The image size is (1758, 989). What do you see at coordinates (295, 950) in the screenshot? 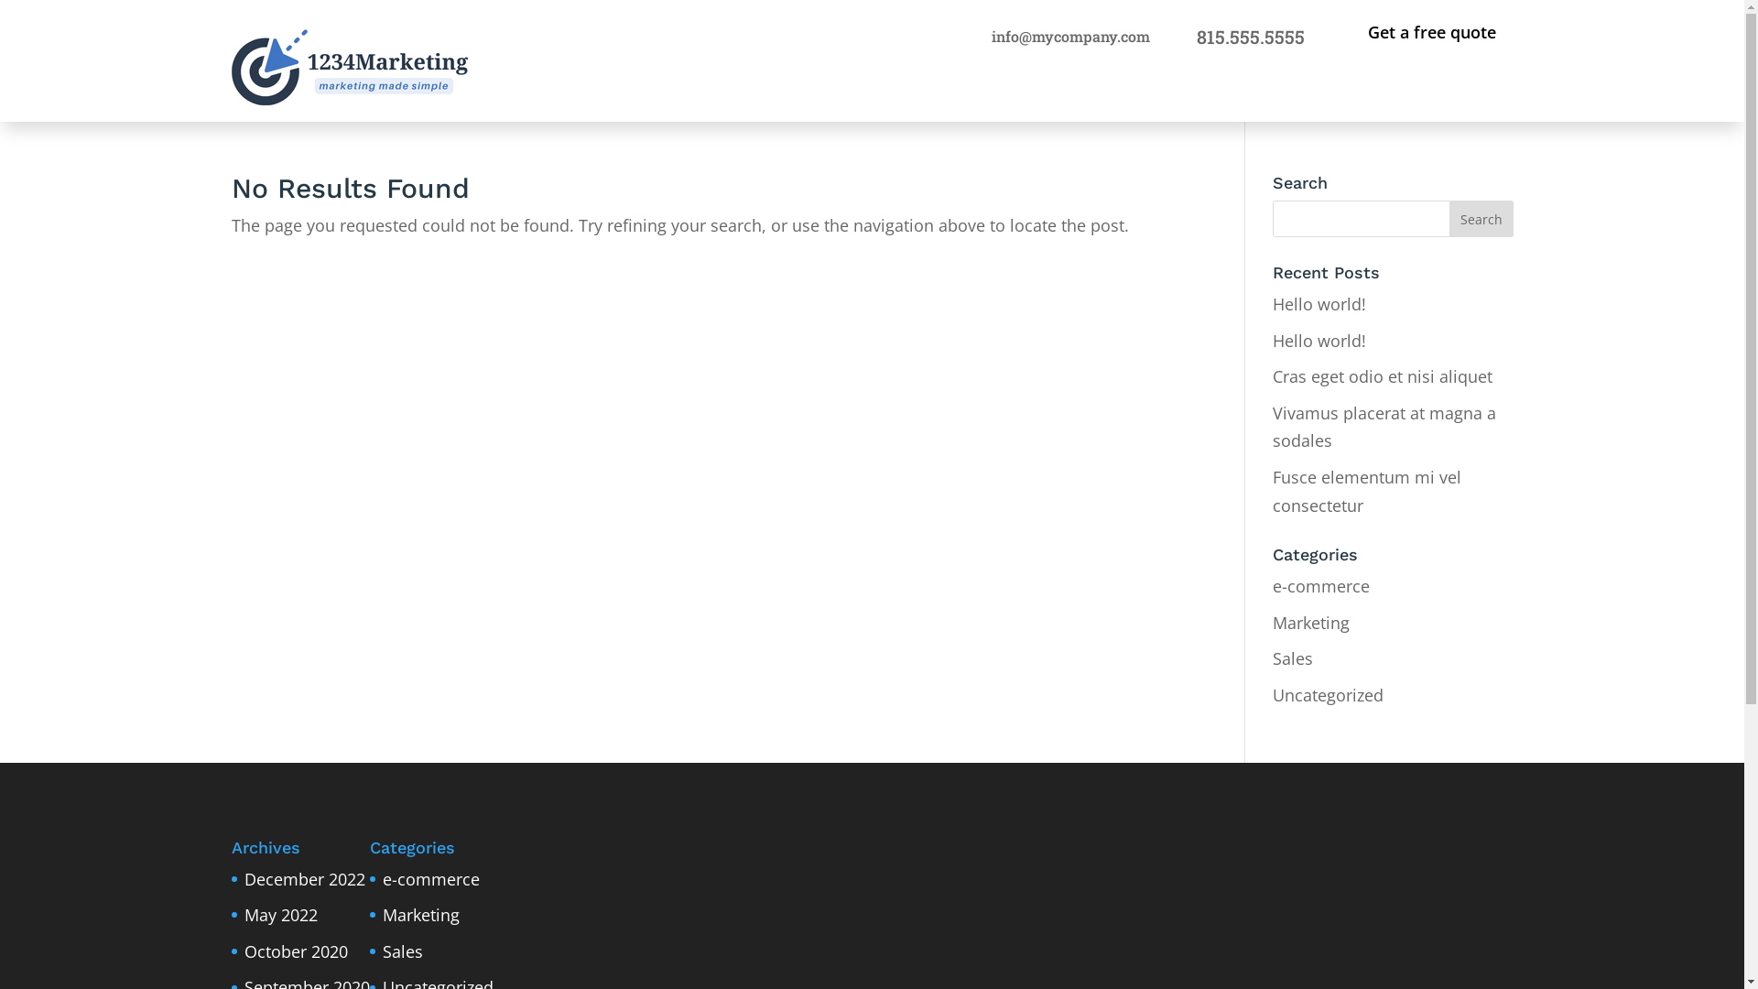
I see `'October 2020'` at bounding box center [295, 950].